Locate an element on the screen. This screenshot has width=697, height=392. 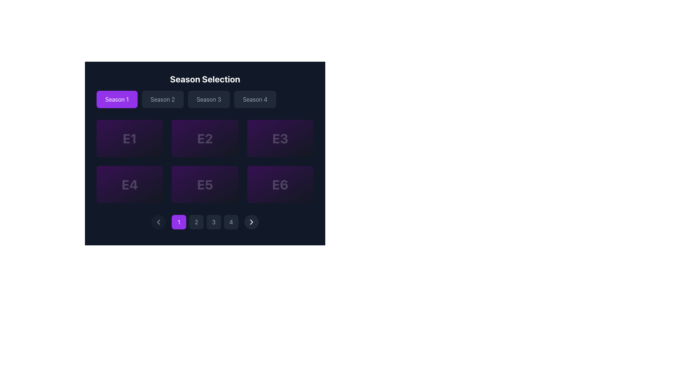
the prominently displayed text element 'E2' which is located in the second column of the top row in the grid layout of episodes is located at coordinates (205, 138).